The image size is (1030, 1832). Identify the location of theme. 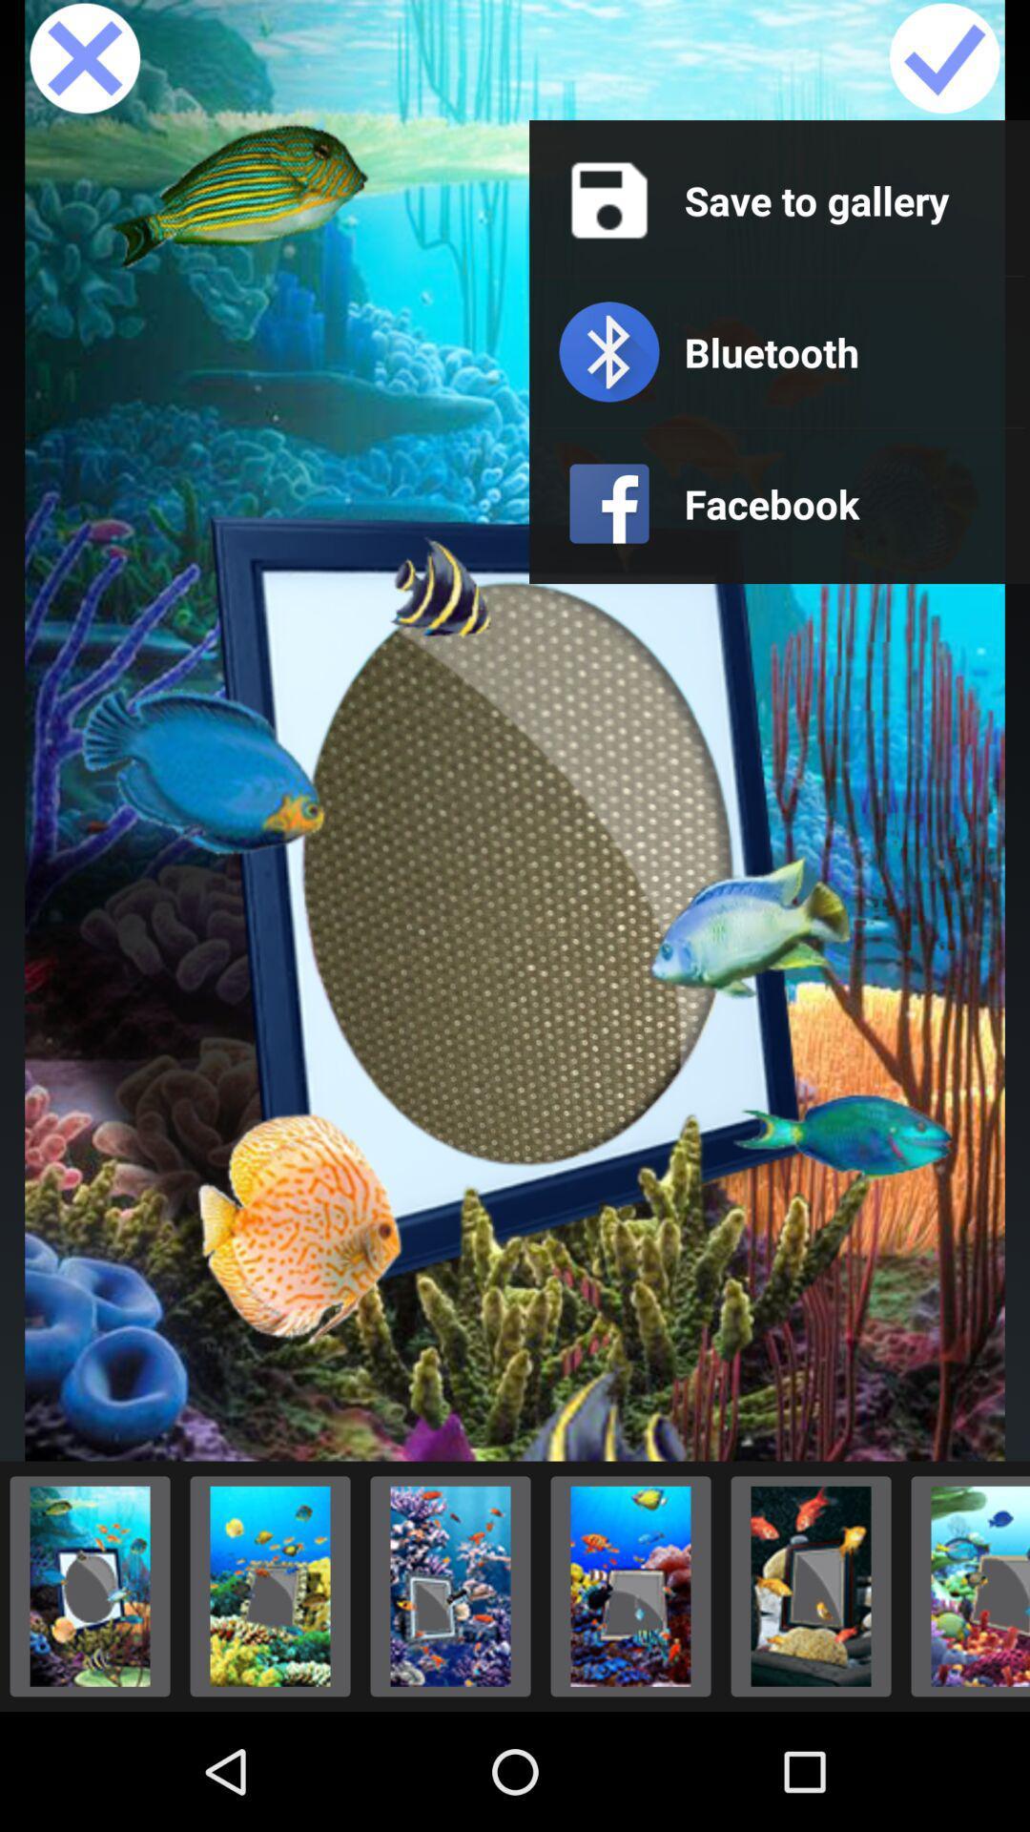
(270, 1586).